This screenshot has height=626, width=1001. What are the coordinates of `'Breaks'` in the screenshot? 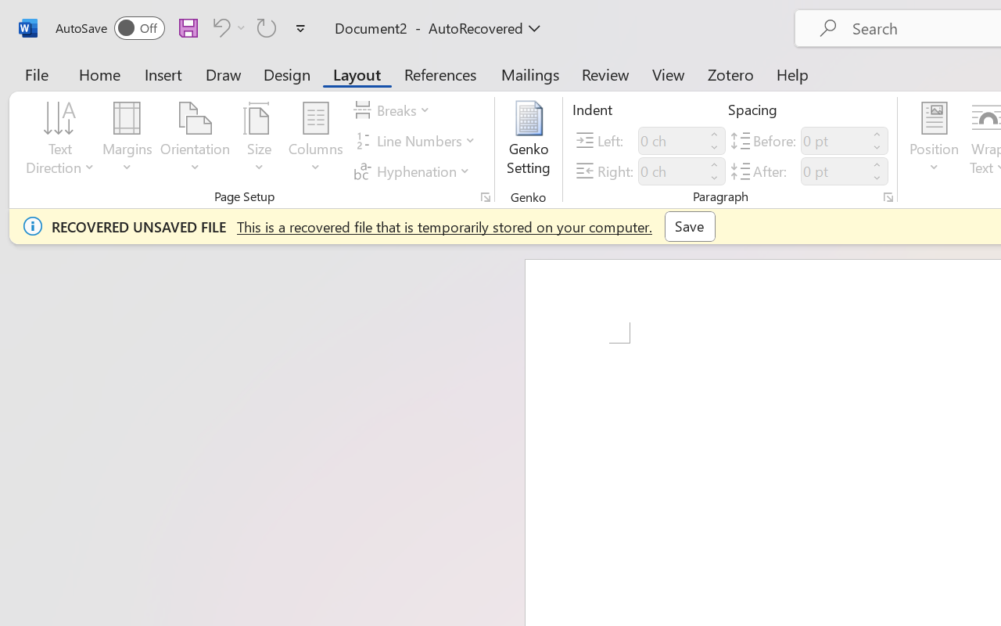 It's located at (394, 110).